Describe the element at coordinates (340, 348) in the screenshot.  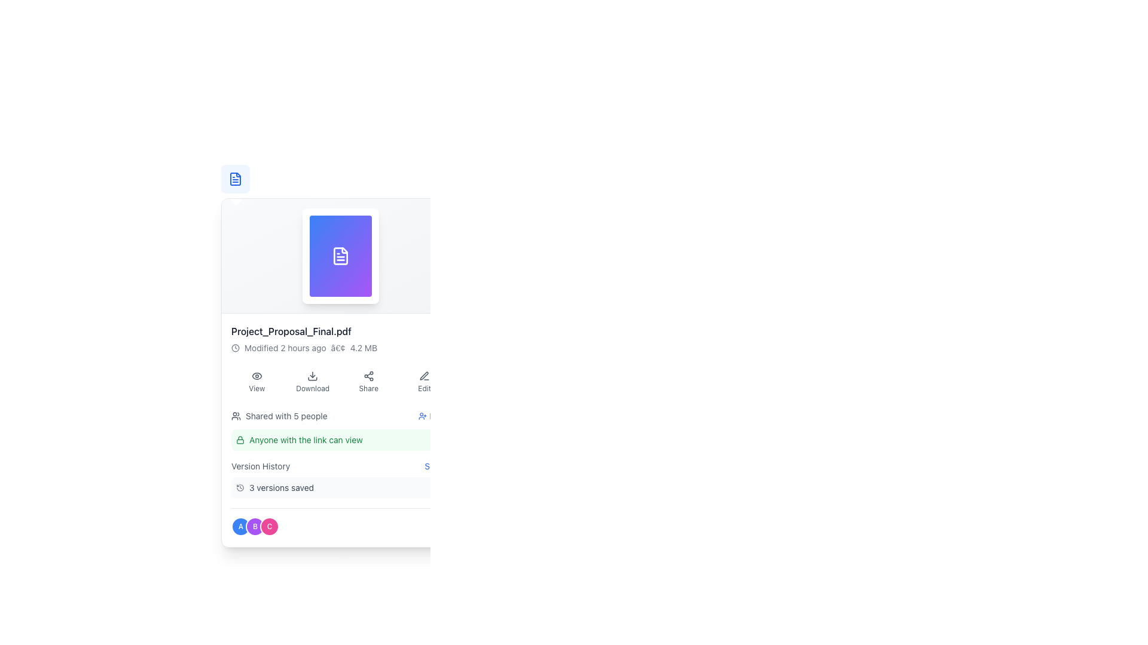
I see `Metadata display text located below 'Project_Proposal_Final.pdf', which shows modification details and file size` at that location.